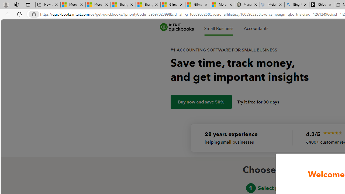 Image resolution: width=345 pixels, height=194 pixels. I want to click on 'Accountants', so click(256, 28).